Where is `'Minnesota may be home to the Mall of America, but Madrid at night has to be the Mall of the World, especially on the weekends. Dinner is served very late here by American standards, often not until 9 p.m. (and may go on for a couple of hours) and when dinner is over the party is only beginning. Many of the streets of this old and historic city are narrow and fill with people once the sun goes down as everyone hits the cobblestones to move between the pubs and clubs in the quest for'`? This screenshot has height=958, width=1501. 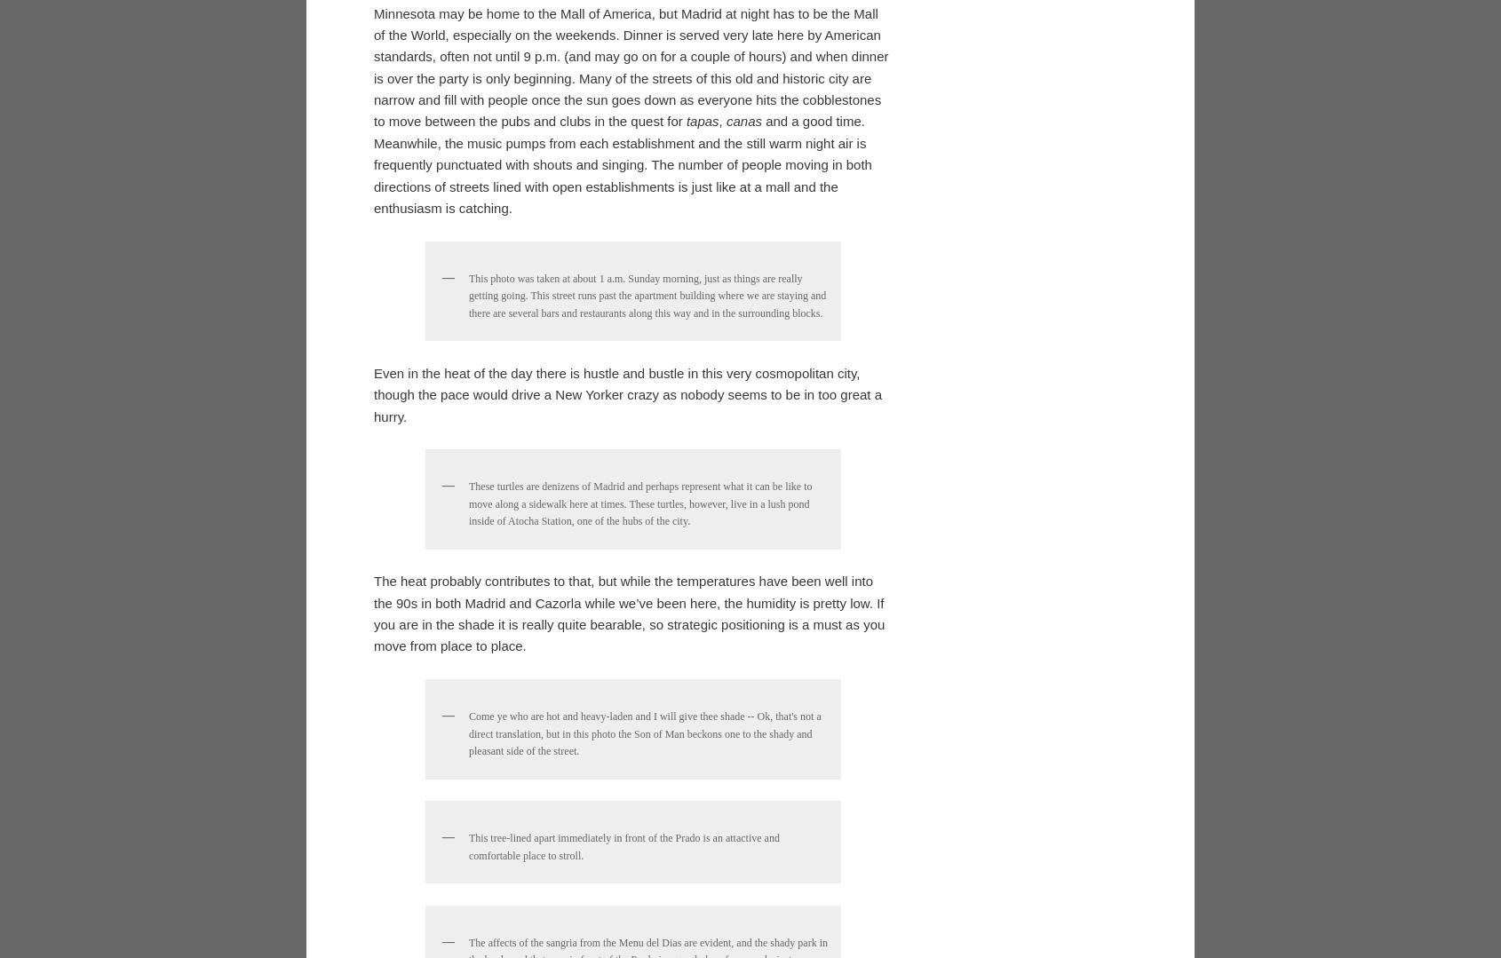
'Minnesota may be home to the Mall of America, but Madrid at night has to be the Mall of the World, especially on the weekends. Dinner is served very late here by American standards, often not until 9 p.m. (and may go on for a couple of hours) and when dinner is over the party is only beginning. Many of the streets of this old and historic city are narrow and fill with people once the sun goes down as everyone hits the cobblestones to move between the pubs and clubs in the quest for' is located at coordinates (630, 629).